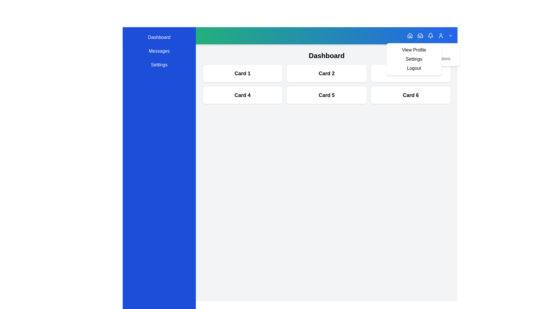 This screenshot has width=549, height=309. Describe the element at coordinates (440, 35) in the screenshot. I see `the user profile icon, which is the fifth icon in a row of navigation icons at the top-right corner of the interface` at that location.